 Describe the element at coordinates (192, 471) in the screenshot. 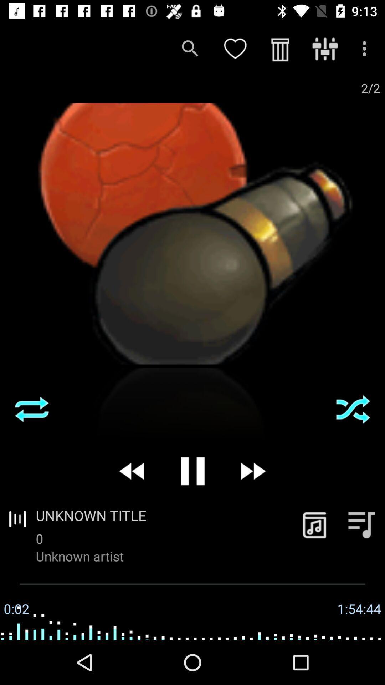

I see `pause current song` at that location.